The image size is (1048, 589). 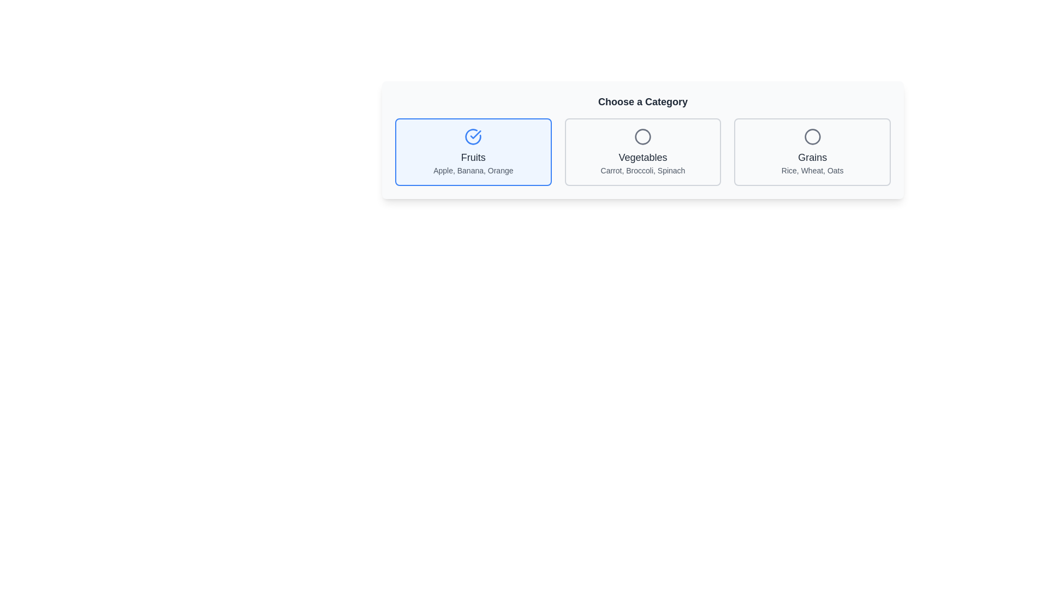 What do you see at coordinates (642, 136) in the screenshot?
I see `the circular icon representing the 'Vegetables' category, which is located at the top center of the card labeled 'Vegetables'` at bounding box center [642, 136].